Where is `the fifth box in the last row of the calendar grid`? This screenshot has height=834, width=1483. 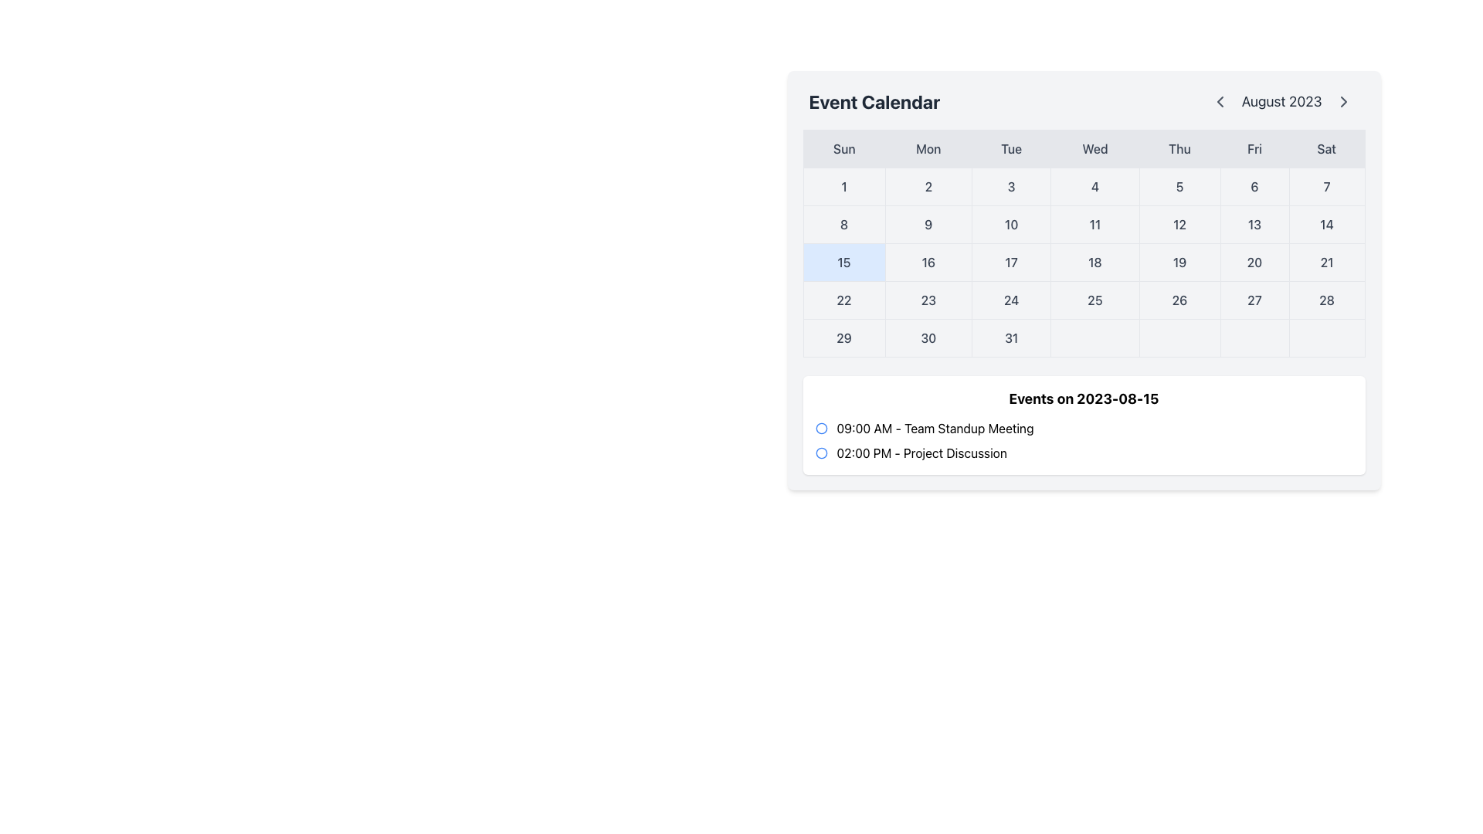 the fifth box in the last row of the calendar grid is located at coordinates (1179, 337).